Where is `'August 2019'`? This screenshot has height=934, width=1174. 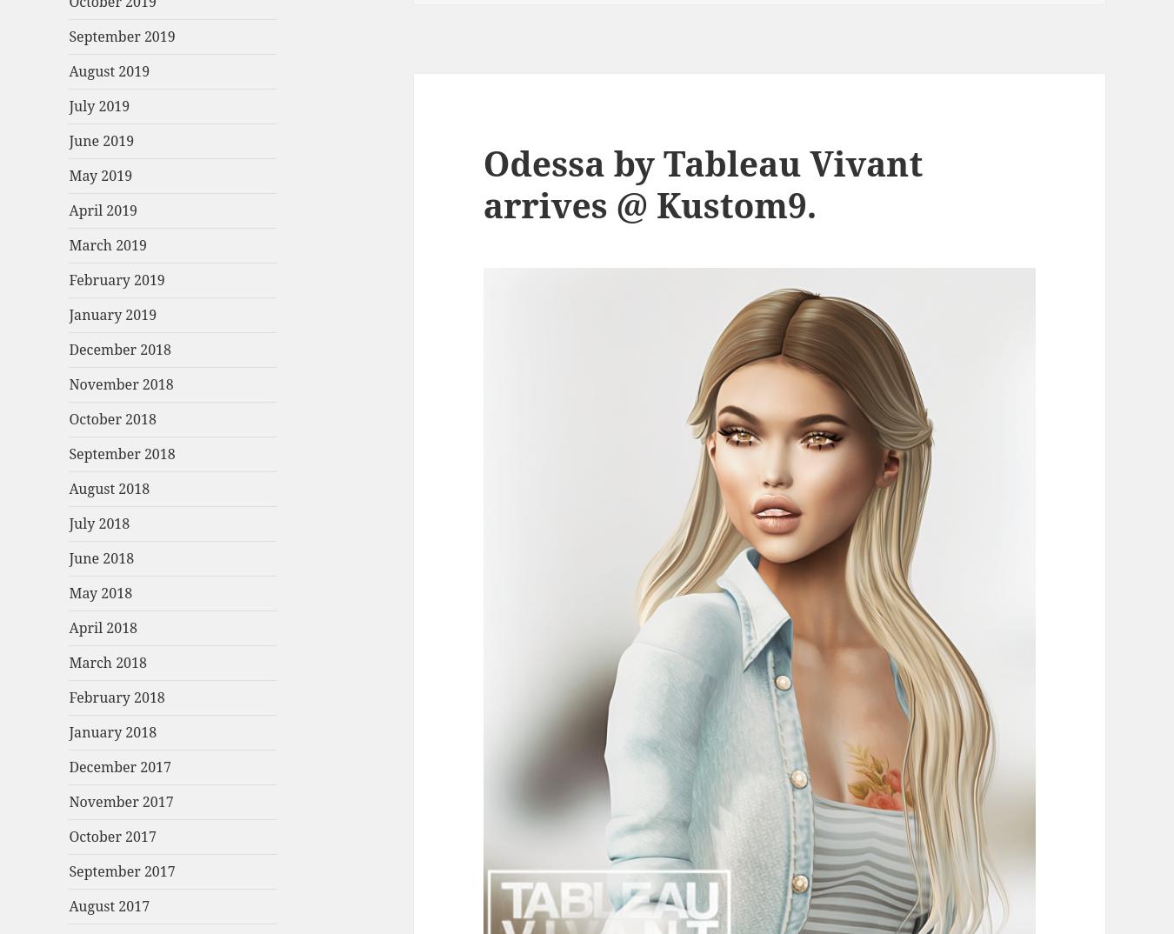
'August 2019' is located at coordinates (109, 71).